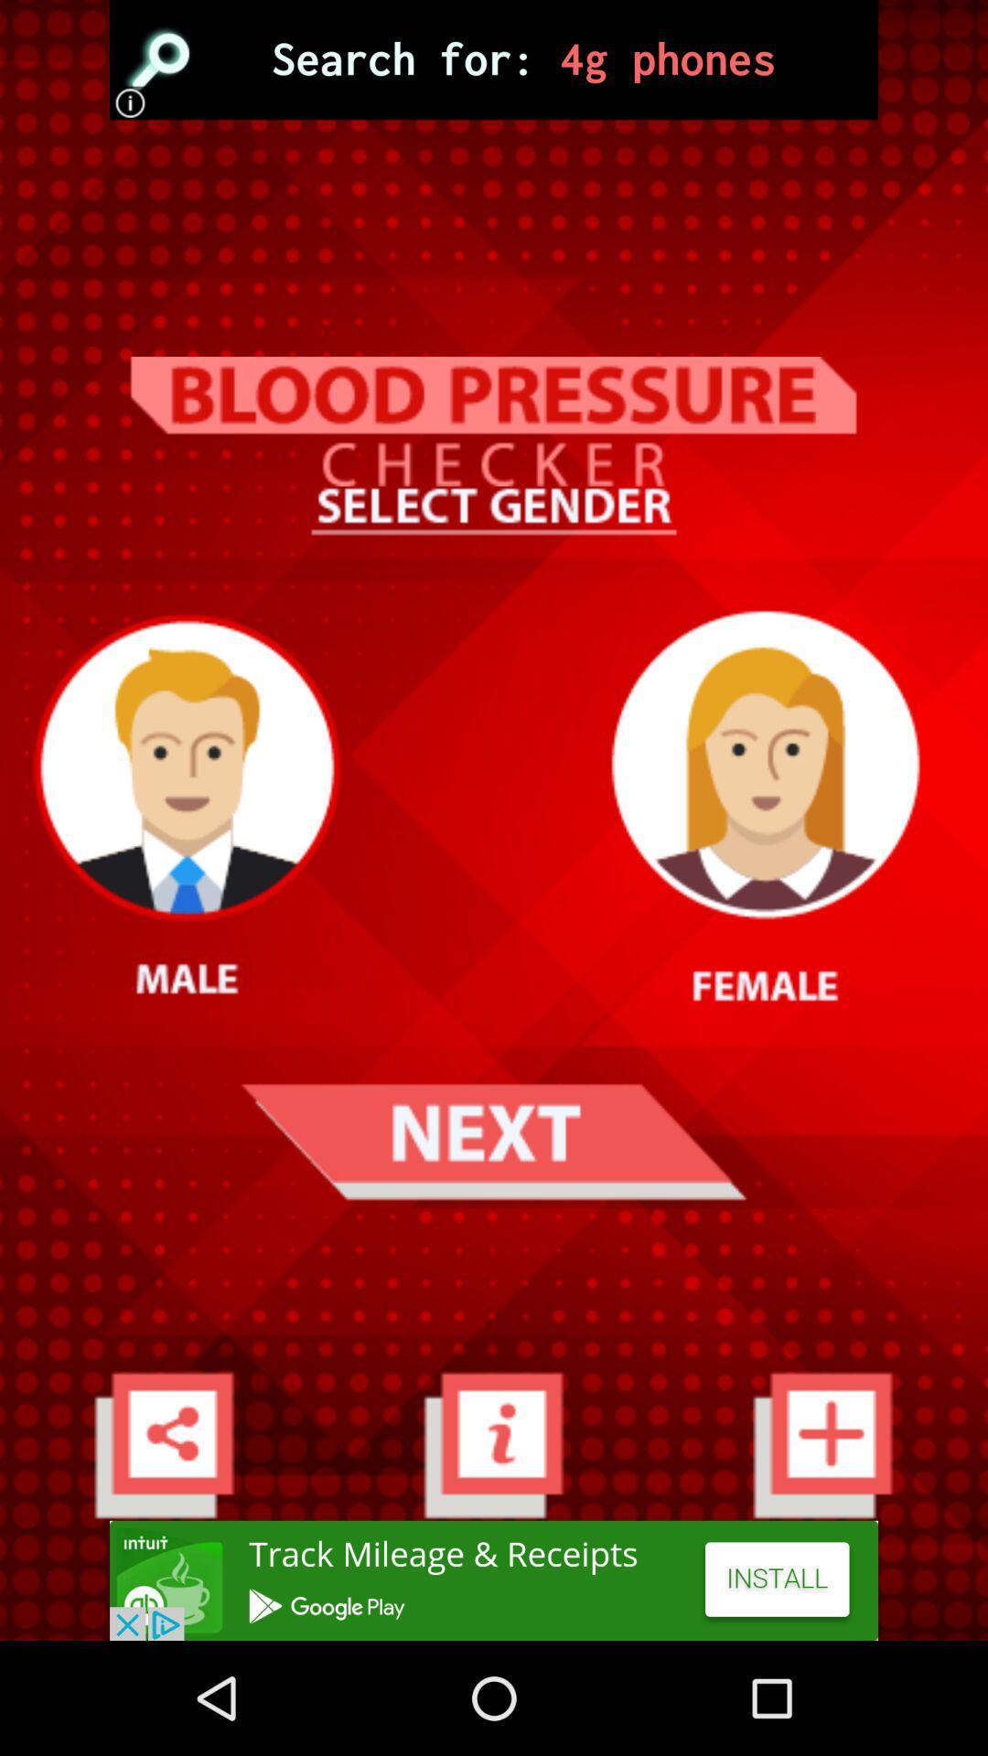 This screenshot has height=1756, width=988. Describe the element at coordinates (163, 1443) in the screenshot. I see `more options` at that location.